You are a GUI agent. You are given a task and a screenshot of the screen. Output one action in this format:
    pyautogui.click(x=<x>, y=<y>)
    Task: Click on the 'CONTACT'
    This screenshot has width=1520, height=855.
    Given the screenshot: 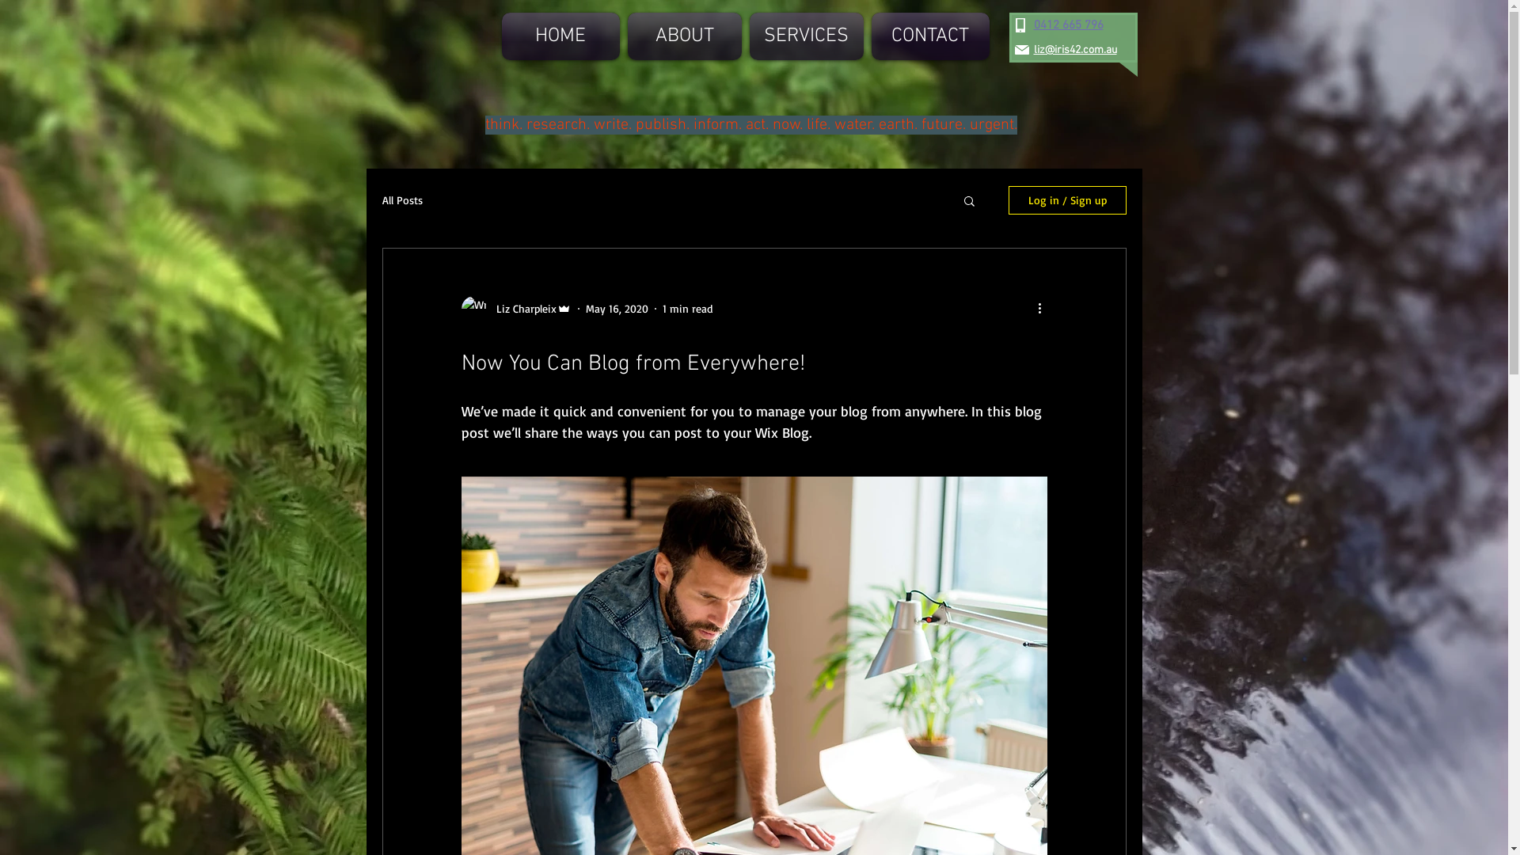 What is the action you would take?
    pyautogui.click(x=928, y=36)
    